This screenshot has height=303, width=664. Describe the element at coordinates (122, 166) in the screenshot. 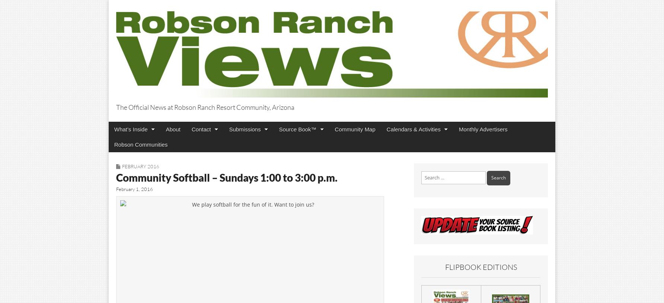

I see `'February 2016'` at that location.